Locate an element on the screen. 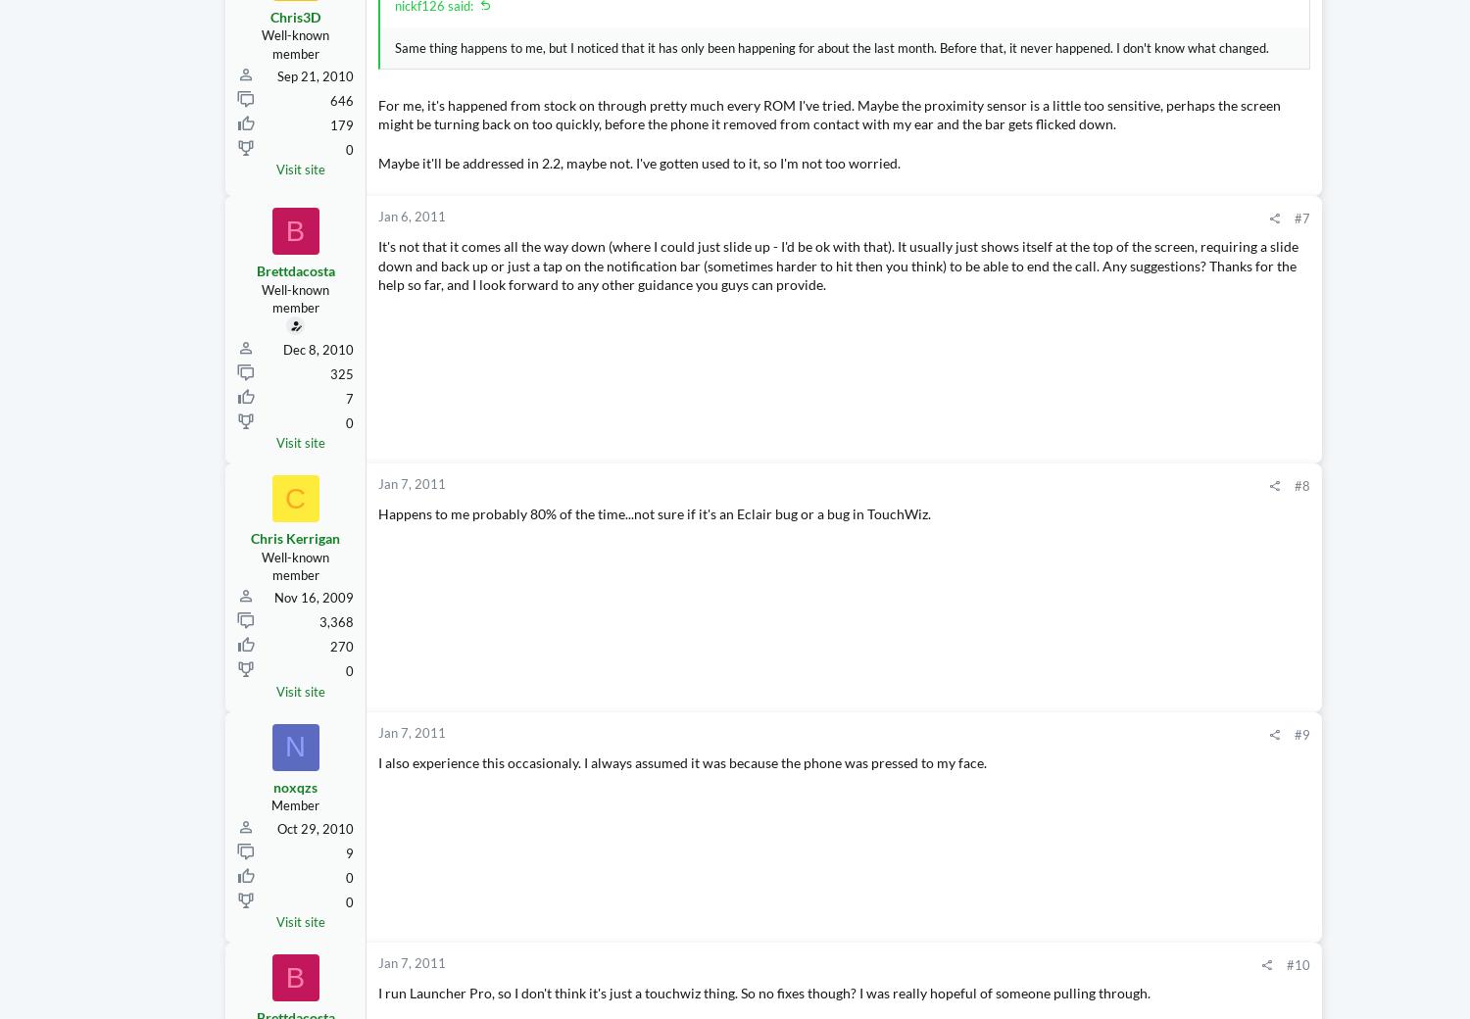 The height and width of the screenshot is (1019, 1470). '#8' is located at coordinates (1117, 522).